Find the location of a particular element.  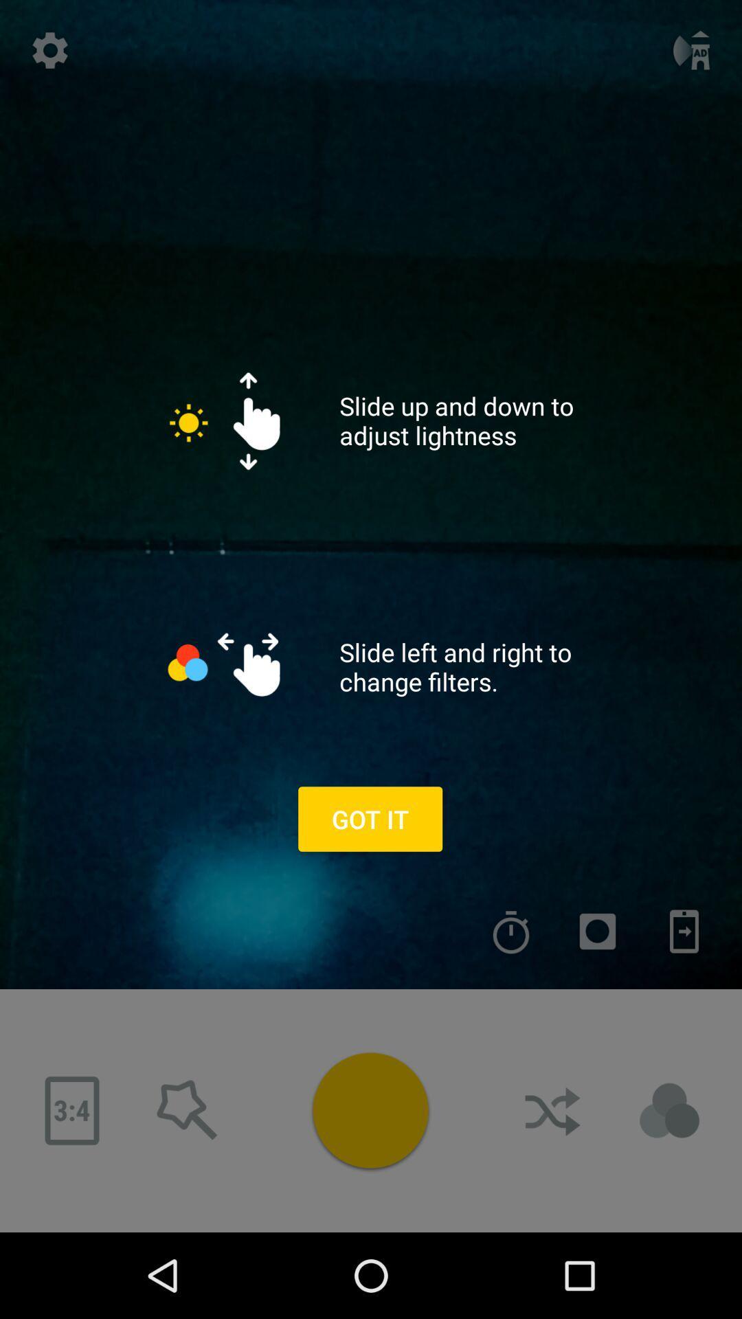

send this to your phone is located at coordinates (684, 932).